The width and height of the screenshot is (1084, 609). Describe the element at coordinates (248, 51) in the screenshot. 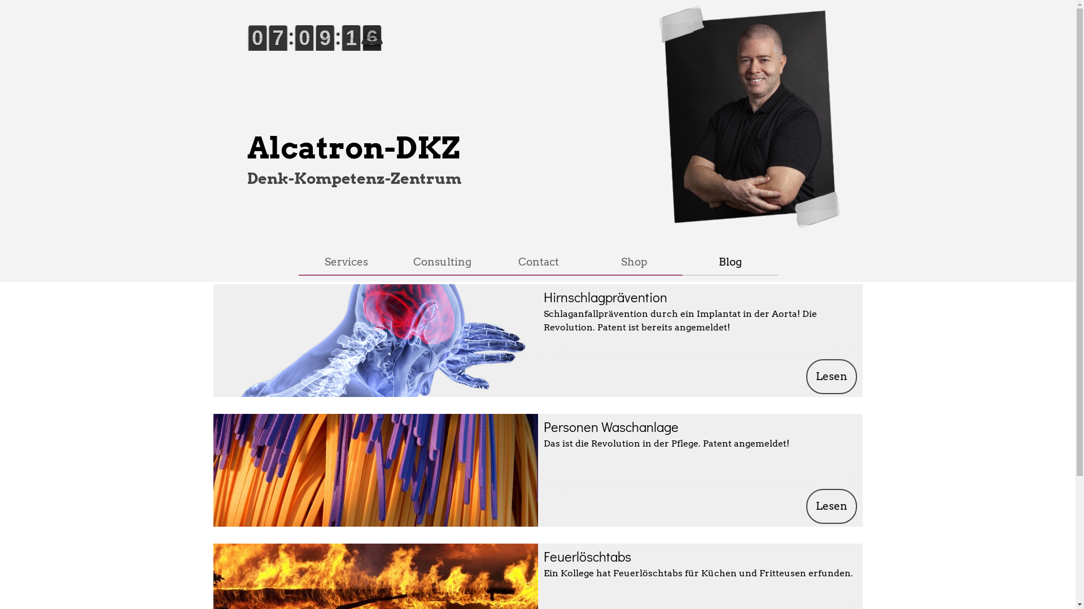

I see `'9` at that location.